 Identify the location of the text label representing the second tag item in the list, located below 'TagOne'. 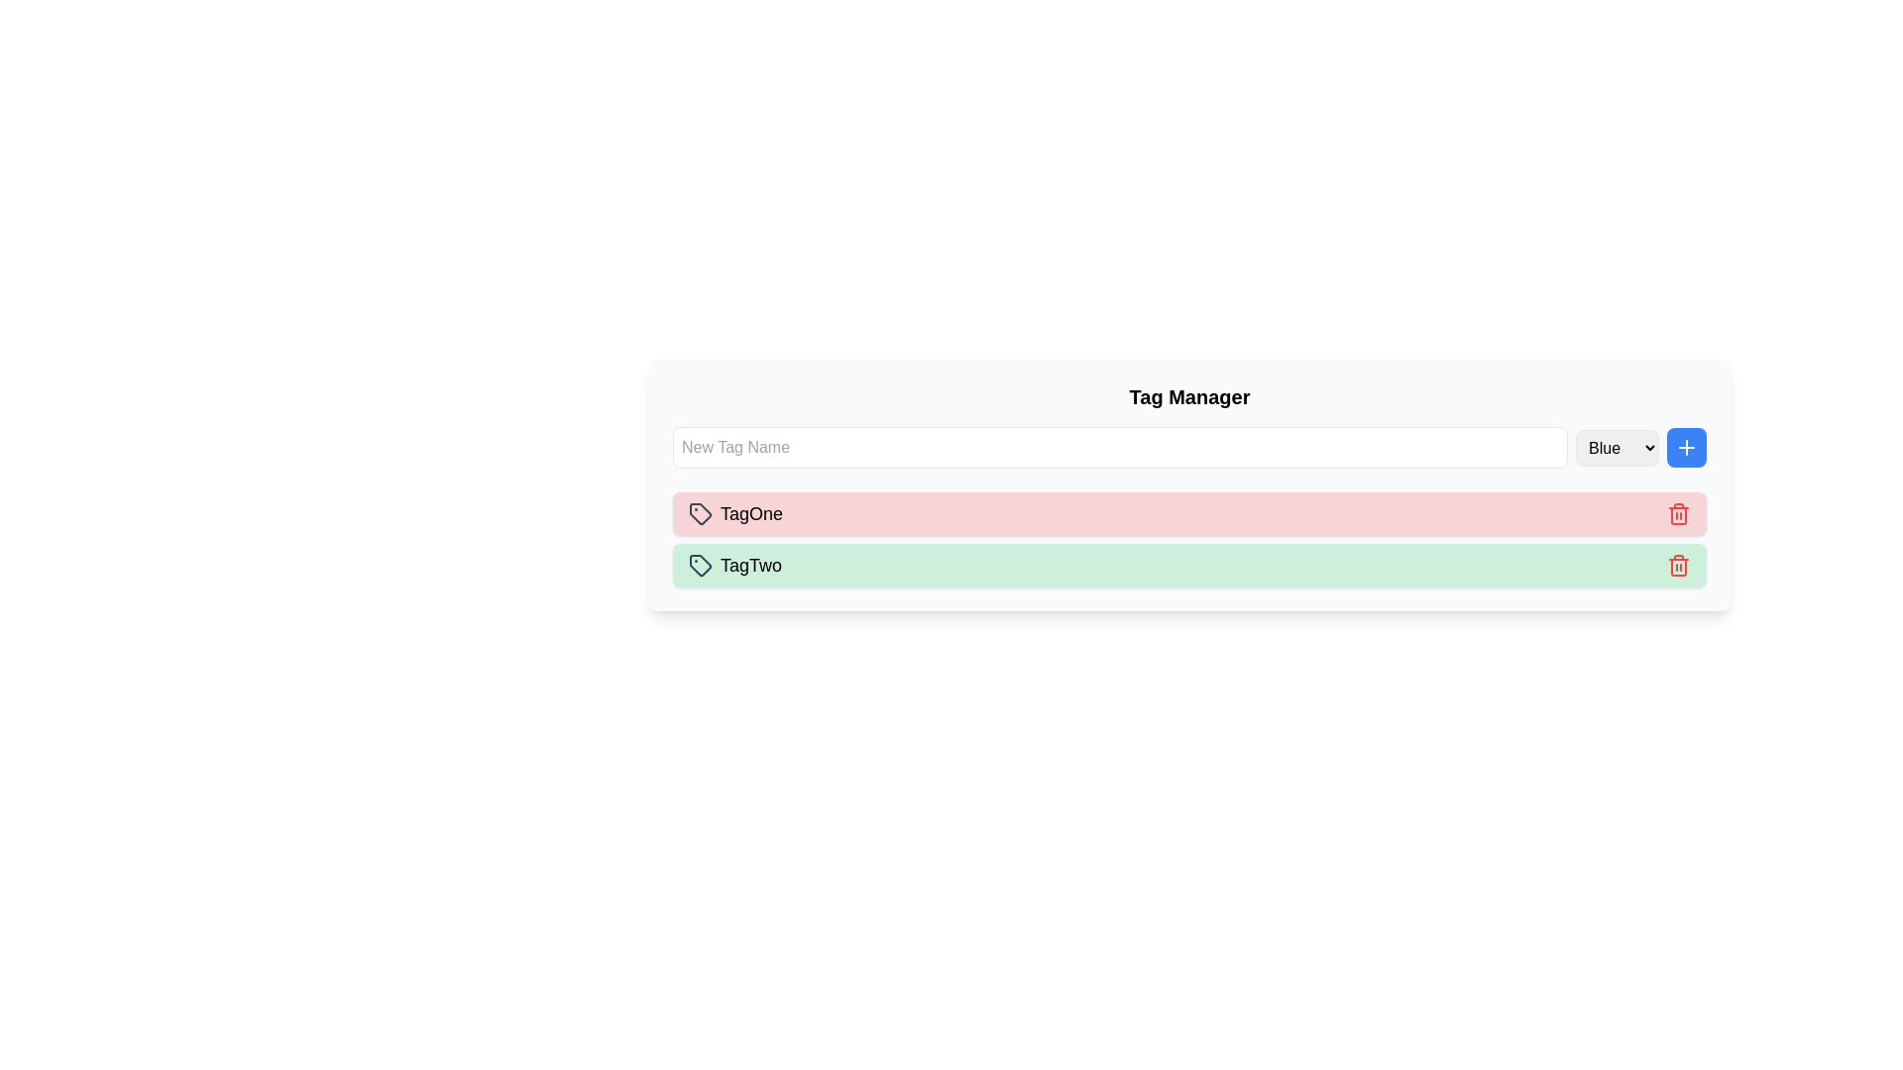
(750, 565).